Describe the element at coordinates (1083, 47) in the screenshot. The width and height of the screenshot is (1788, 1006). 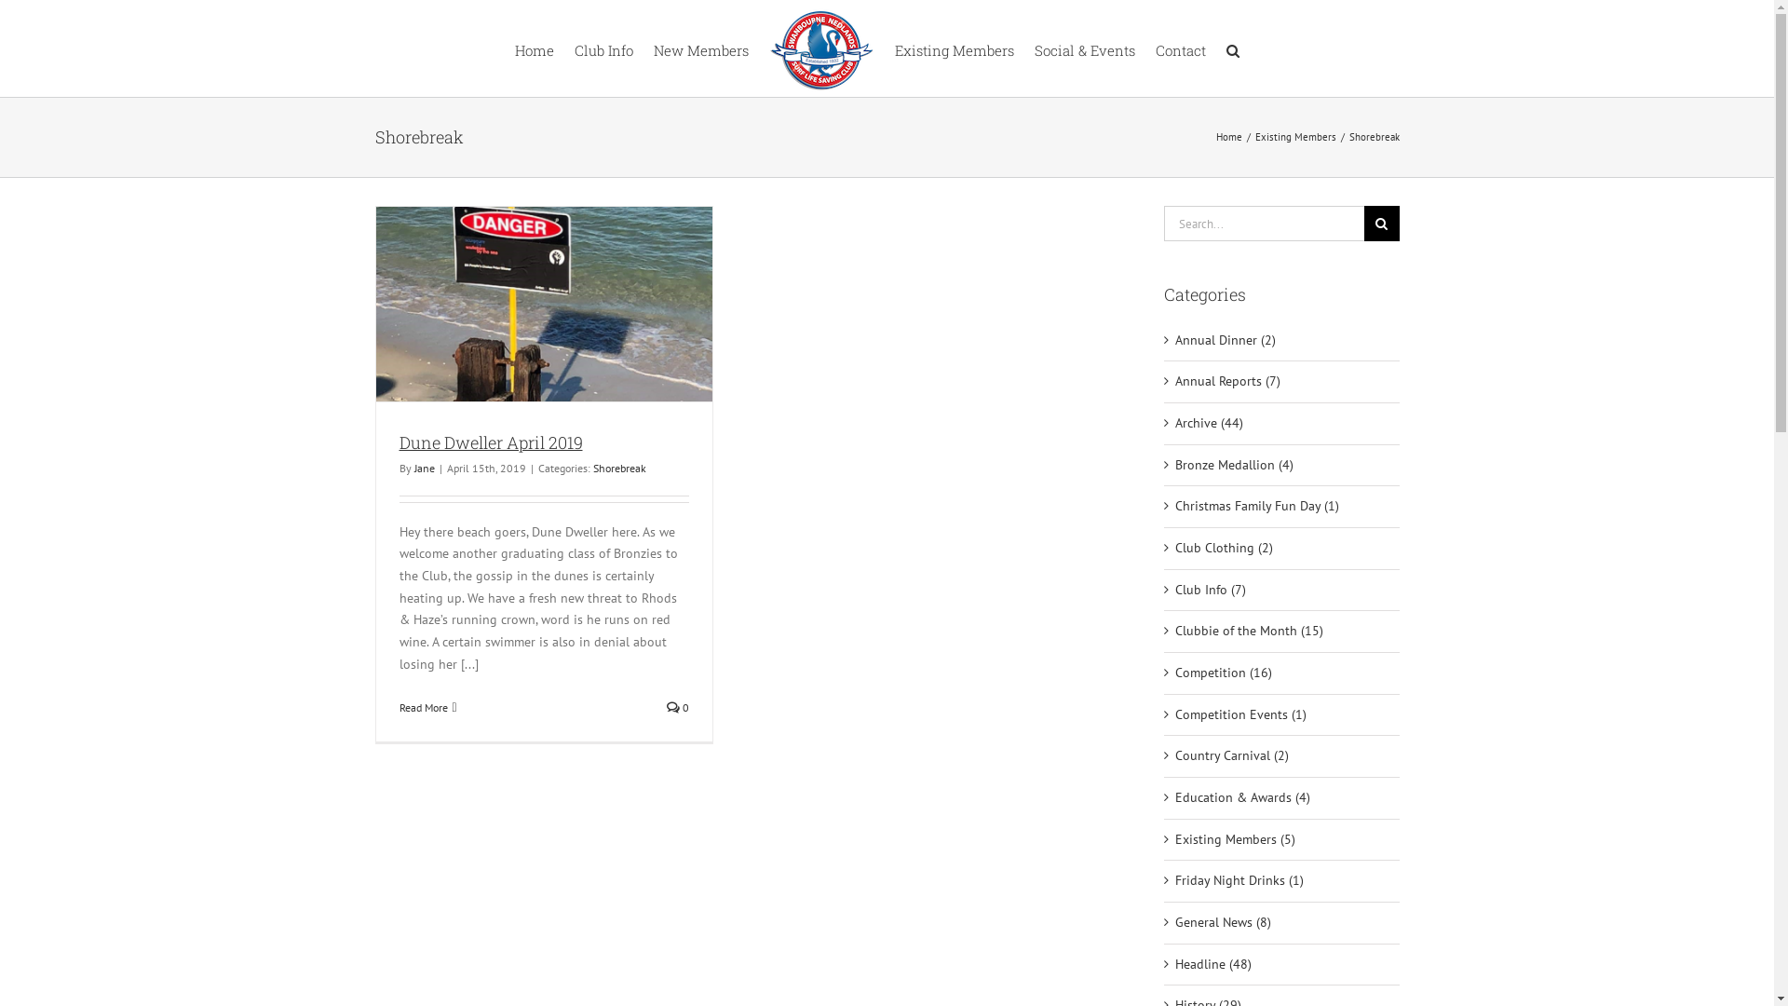
I see `'Social & Events'` at that location.